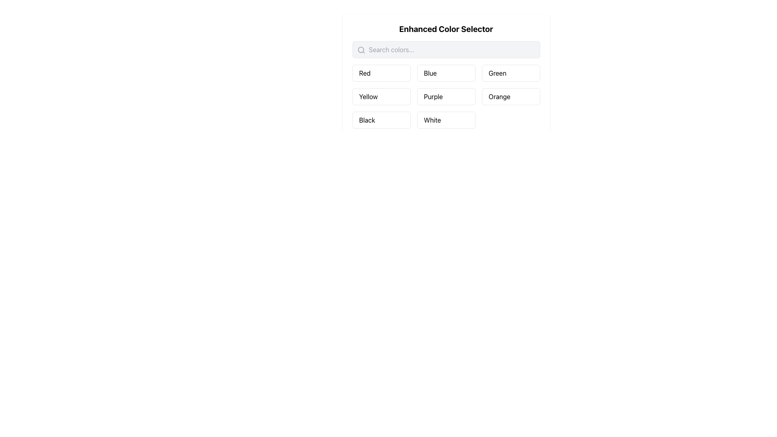 The height and width of the screenshot is (437, 777). Describe the element at coordinates (364, 73) in the screenshot. I see `text of the label indicating the color option, which is 'Red', located in the top-left cell of the color options grid, just below the 'Search colors...' input field` at that location.